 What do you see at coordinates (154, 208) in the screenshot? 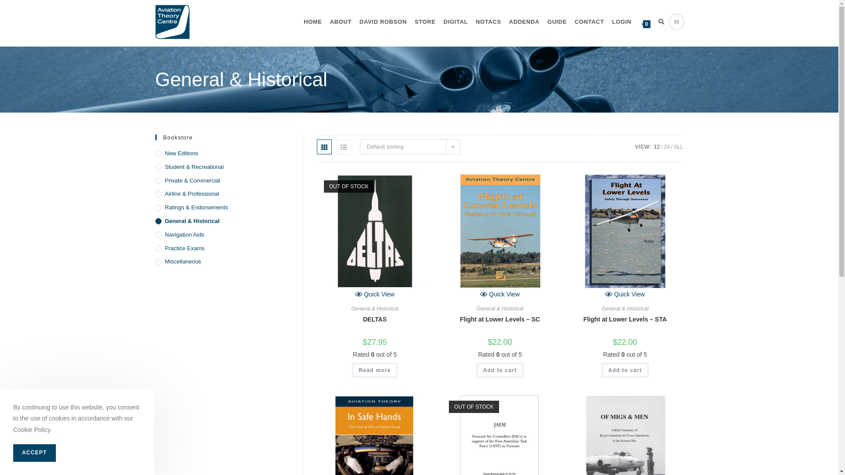
I see `'Ratings & Endorsements'` at bounding box center [154, 208].